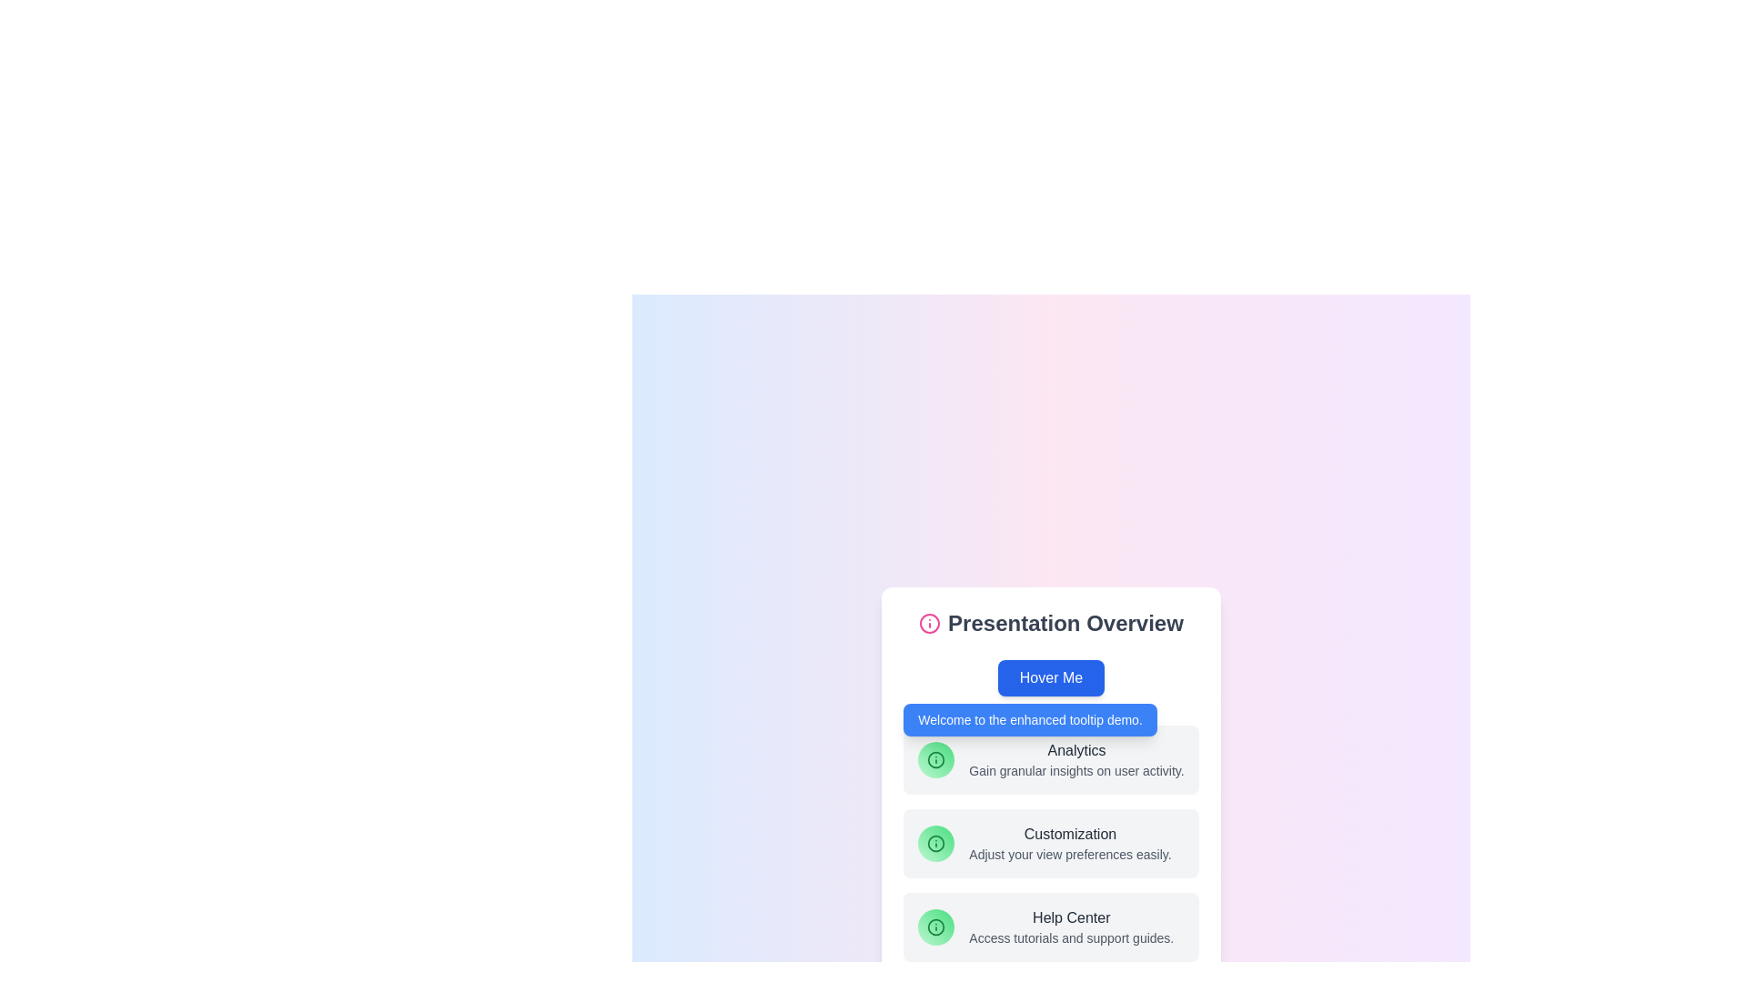  What do you see at coordinates (1076, 771) in the screenshot?
I see `the Text Label that reads 'Gain granular insights on user activity.' positioned beneath the heading 'Analytics'` at bounding box center [1076, 771].